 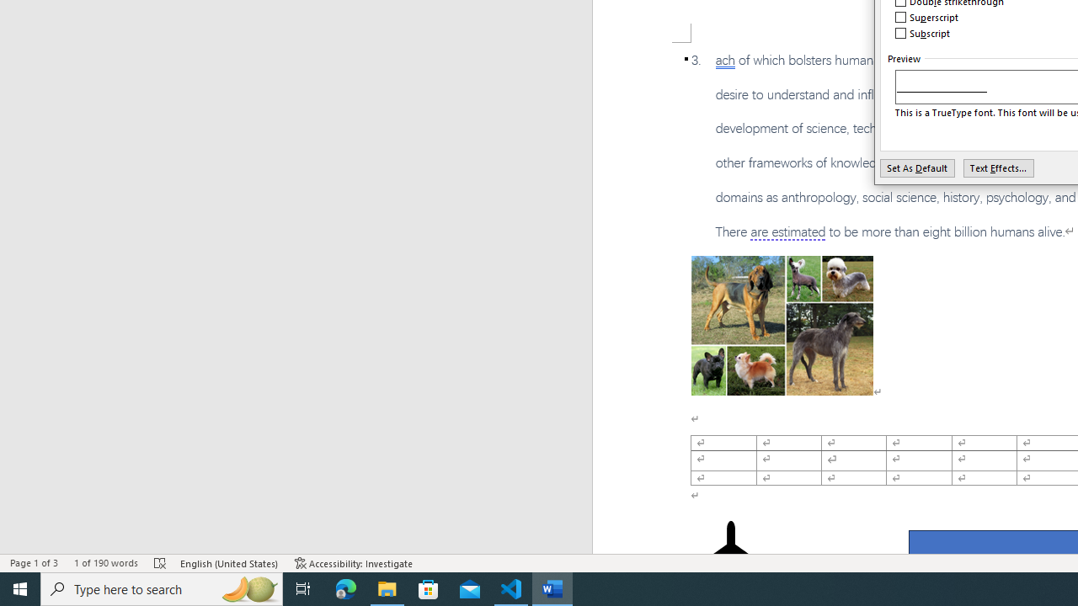 What do you see at coordinates (345, 587) in the screenshot?
I see `'Microsoft Edge'` at bounding box center [345, 587].